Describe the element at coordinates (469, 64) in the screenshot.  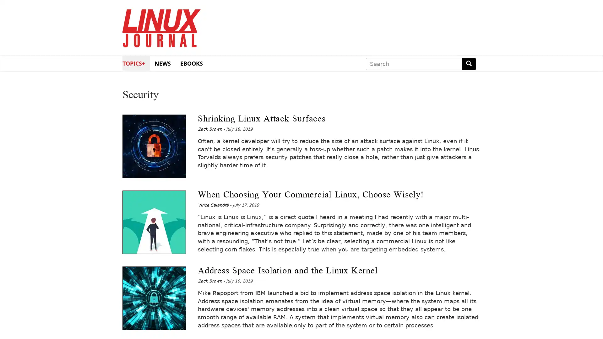
I see `Search` at that location.